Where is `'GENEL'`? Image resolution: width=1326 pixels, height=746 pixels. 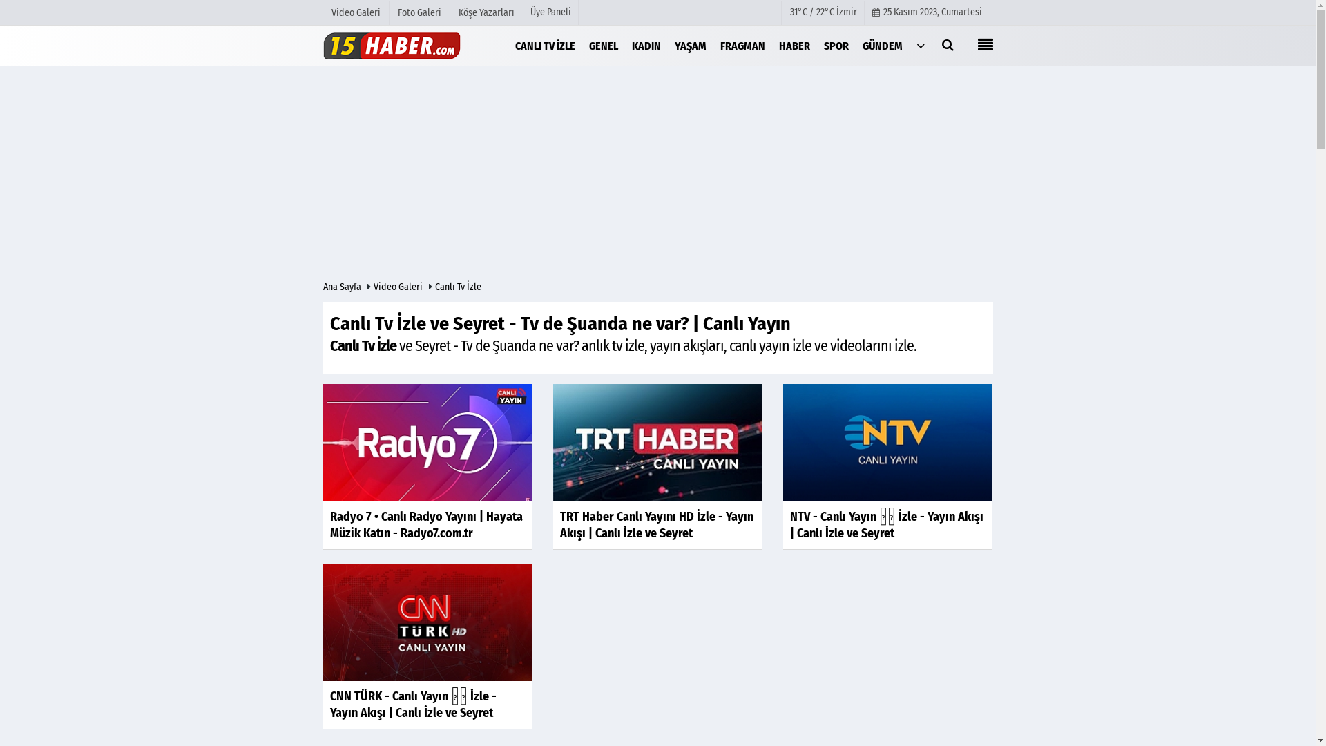
'GENEL' is located at coordinates (603, 44).